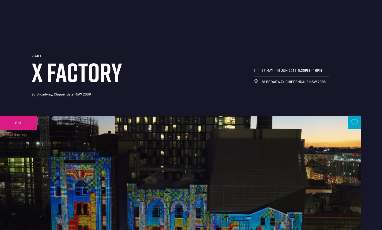  Describe the element at coordinates (32, 67) in the screenshot. I see `'Where:'` at that location.